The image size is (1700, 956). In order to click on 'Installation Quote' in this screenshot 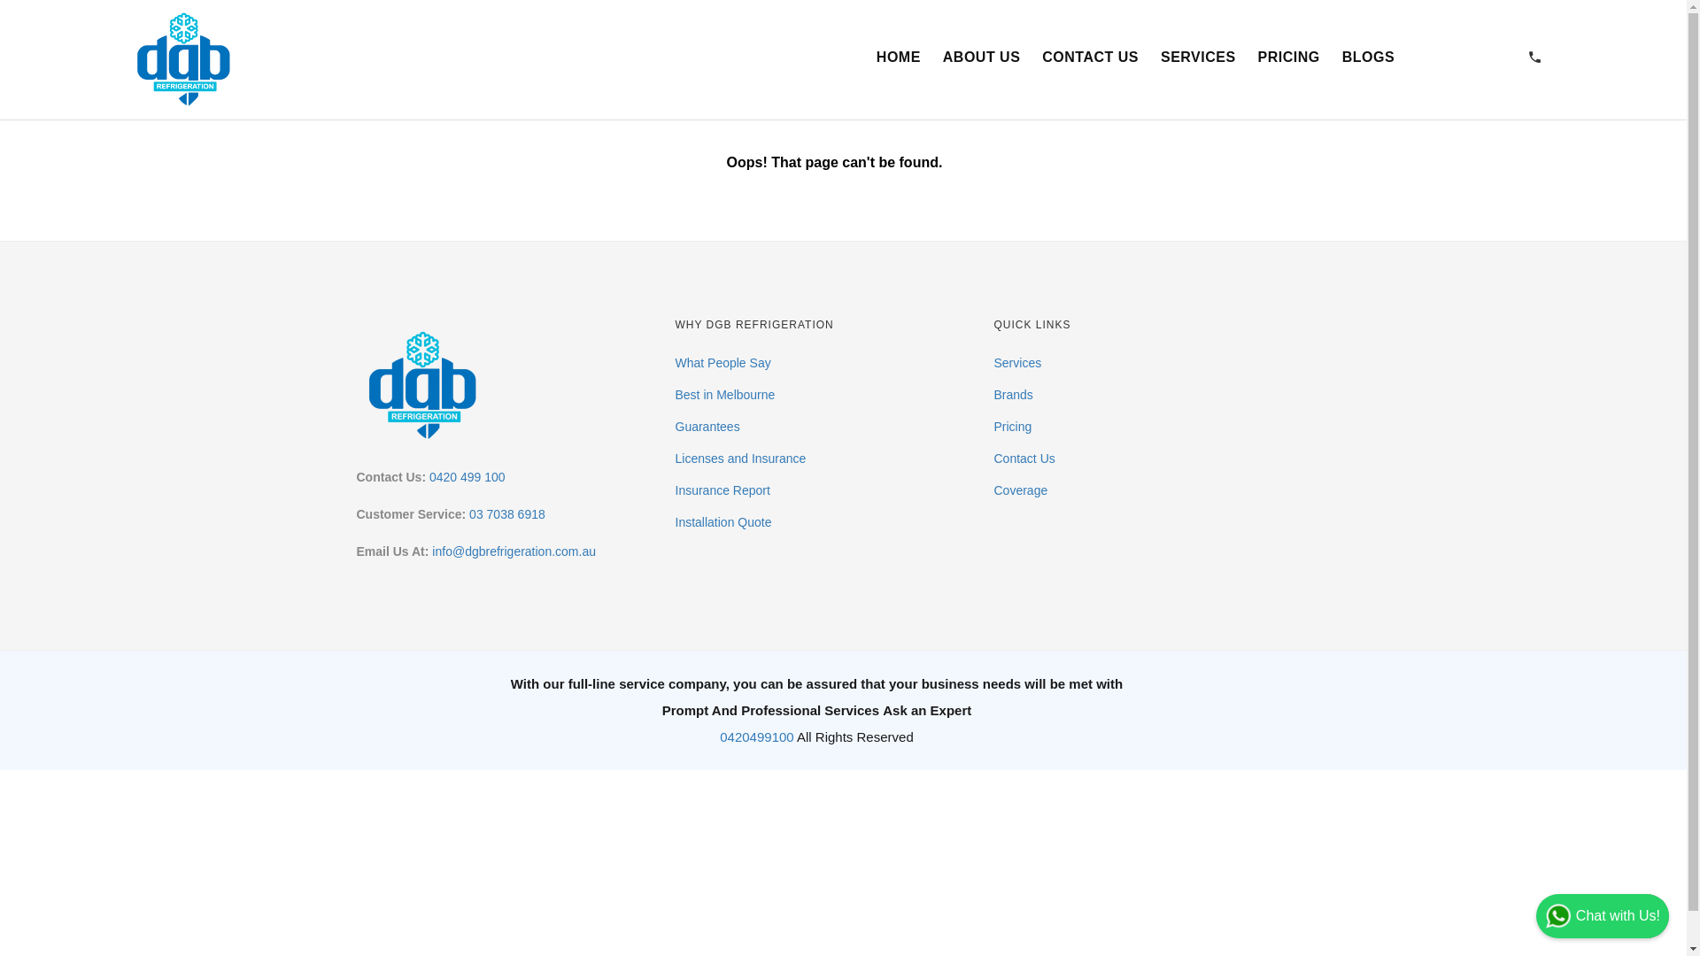, I will do `click(722, 521)`.